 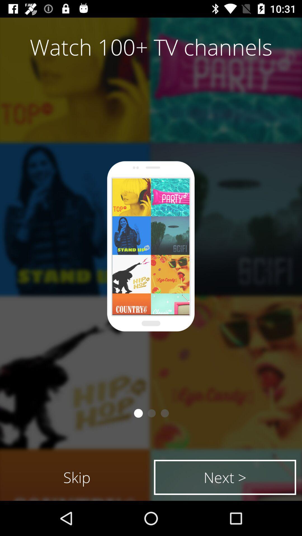 I want to click on item to the left of next > item, so click(x=77, y=477).